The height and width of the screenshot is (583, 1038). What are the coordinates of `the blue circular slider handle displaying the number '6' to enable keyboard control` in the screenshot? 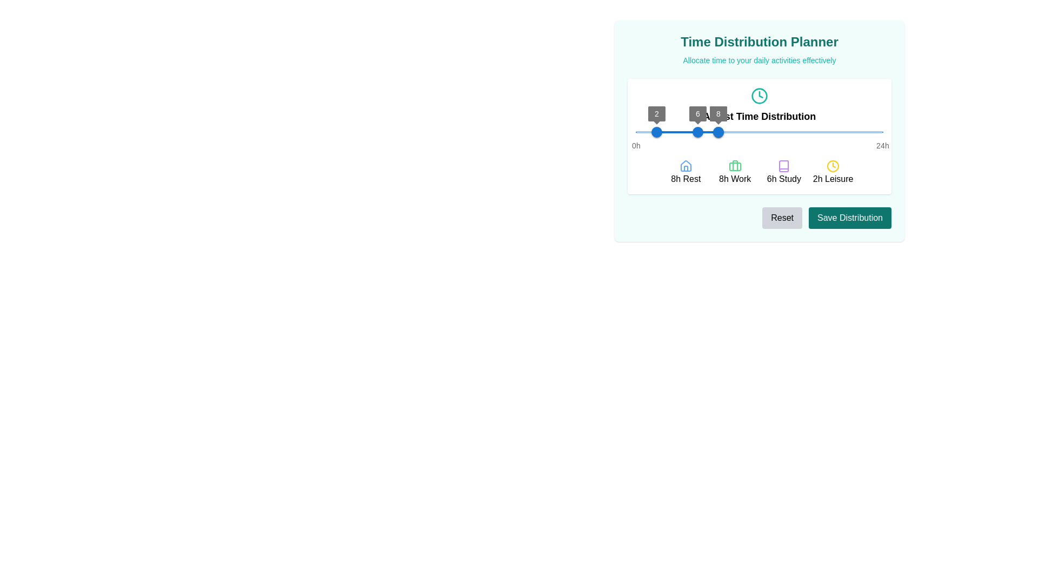 It's located at (698, 132).